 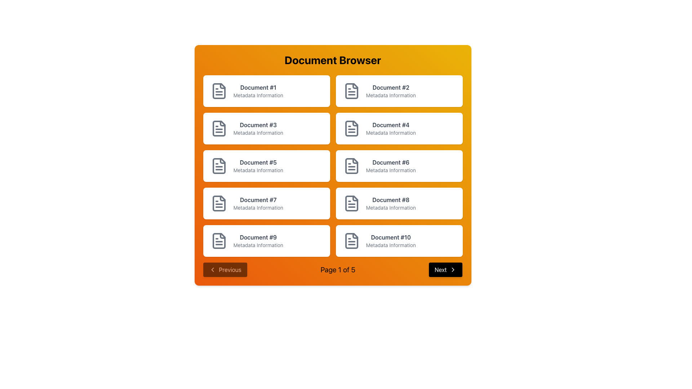 What do you see at coordinates (351, 128) in the screenshot?
I see `the file icon in the second column of the second row within the 'Document Browser' grid layout, which symbolizes file-related content` at bounding box center [351, 128].